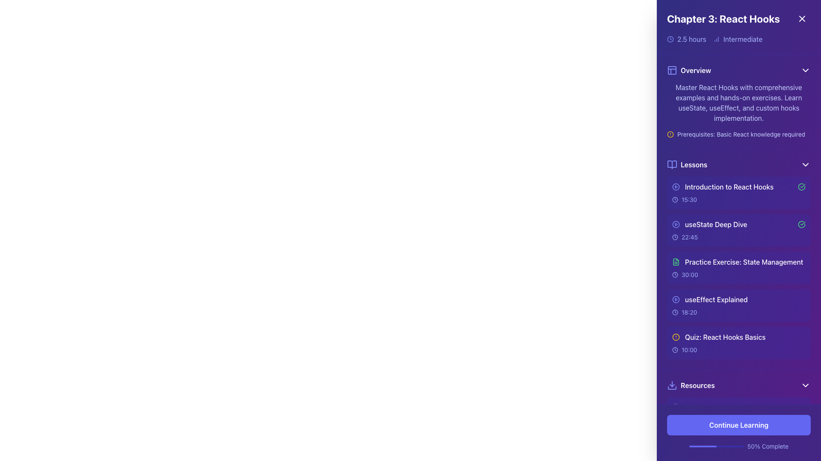 The width and height of the screenshot is (821, 461). What do you see at coordinates (738, 18) in the screenshot?
I see `the text header displaying 'Chapter 3: React Hooks', which is styled in bold and large font and positioned above the summary section` at bounding box center [738, 18].